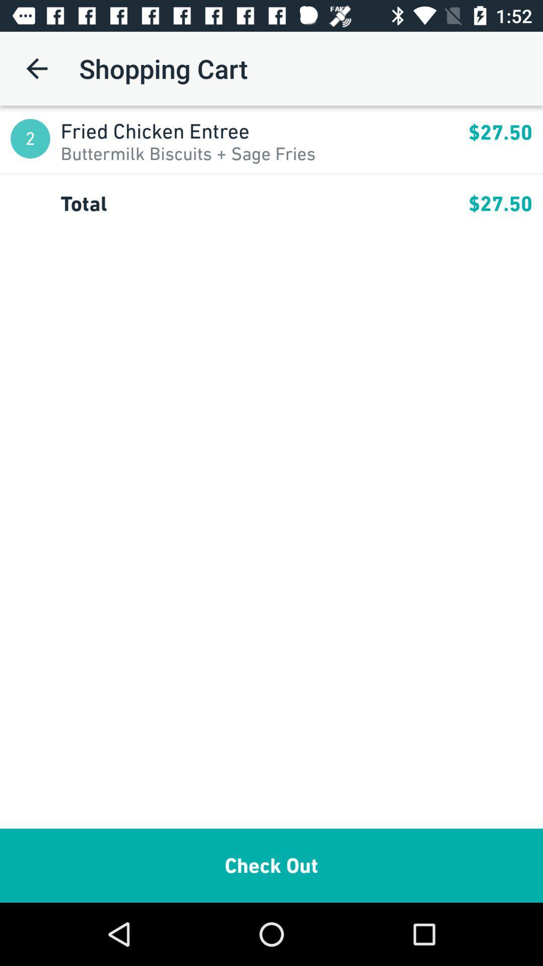  I want to click on item above 2 item, so click(36, 68).